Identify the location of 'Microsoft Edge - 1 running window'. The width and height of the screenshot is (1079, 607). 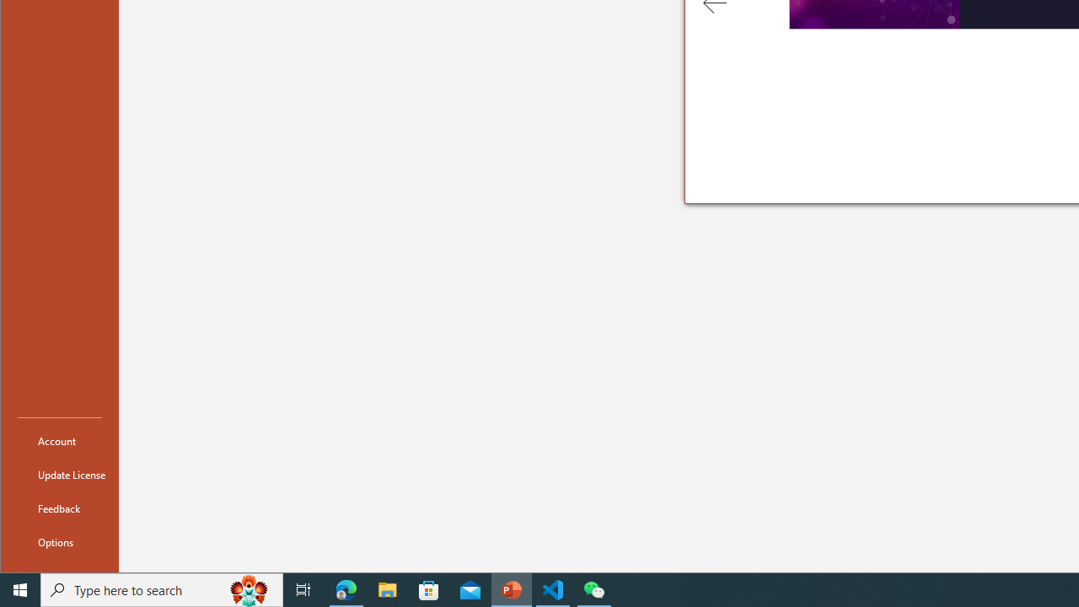
(346, 588).